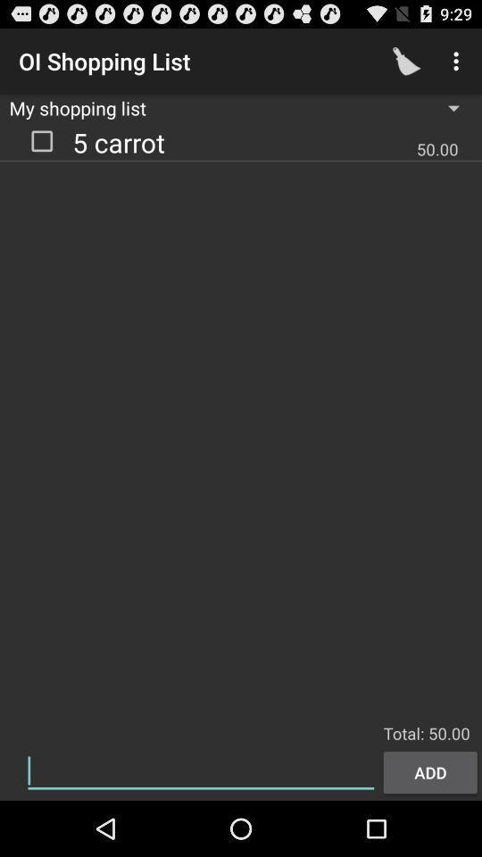  Describe the element at coordinates (200, 770) in the screenshot. I see `type the message` at that location.